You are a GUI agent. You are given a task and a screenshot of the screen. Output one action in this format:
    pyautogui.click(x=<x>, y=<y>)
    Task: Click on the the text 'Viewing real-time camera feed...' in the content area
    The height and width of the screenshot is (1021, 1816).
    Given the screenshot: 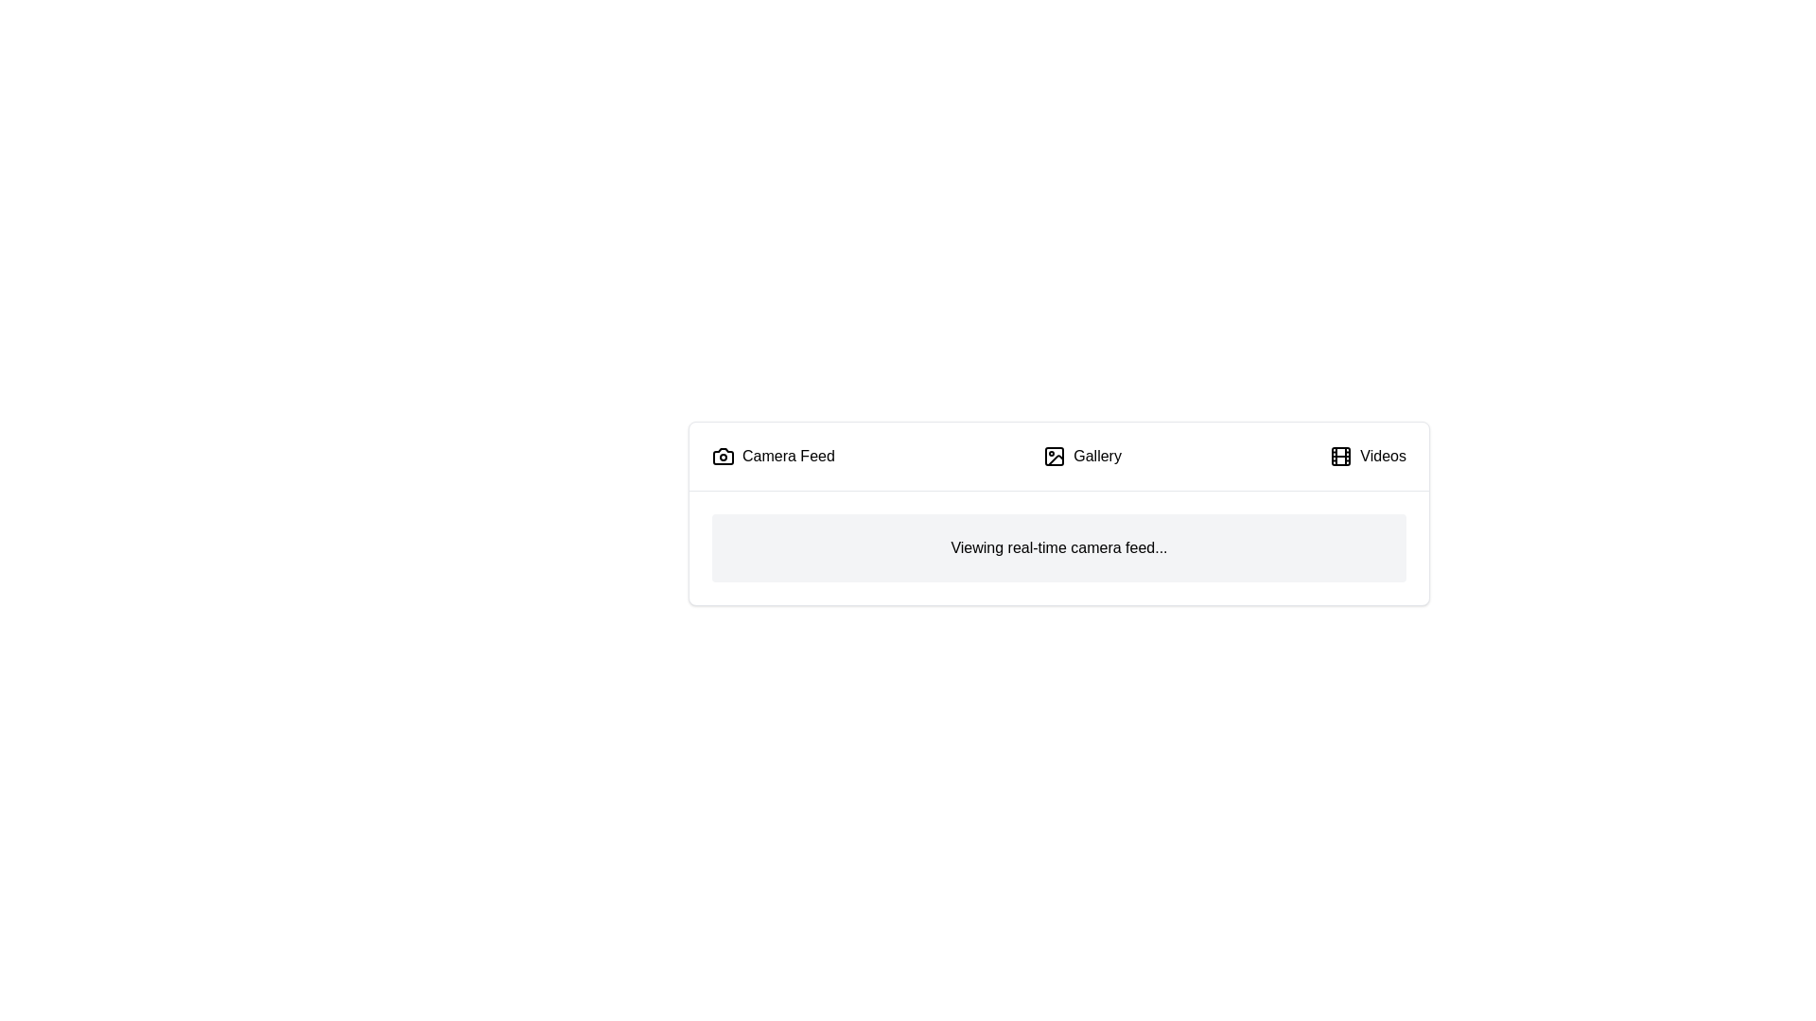 What is the action you would take?
    pyautogui.click(x=1057, y=547)
    